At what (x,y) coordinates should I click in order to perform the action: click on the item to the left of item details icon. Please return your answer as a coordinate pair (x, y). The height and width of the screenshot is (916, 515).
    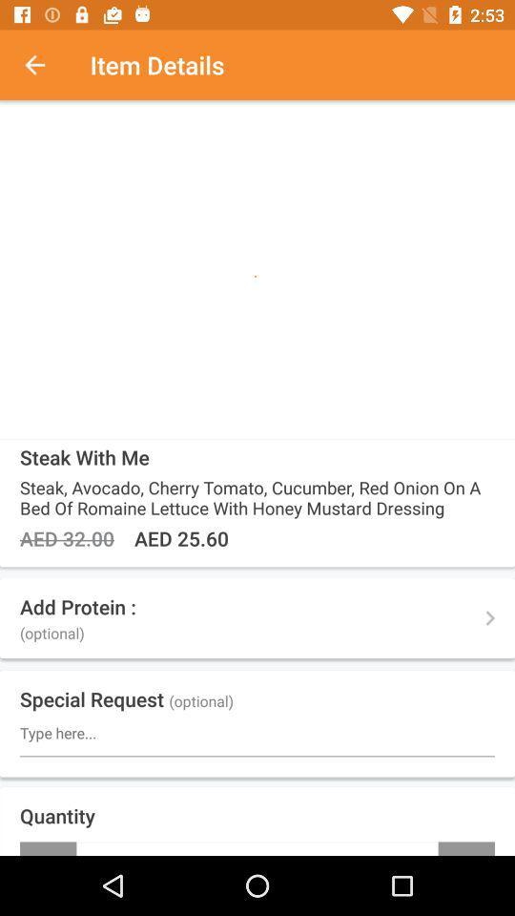
    Looking at the image, I should click on (45, 65).